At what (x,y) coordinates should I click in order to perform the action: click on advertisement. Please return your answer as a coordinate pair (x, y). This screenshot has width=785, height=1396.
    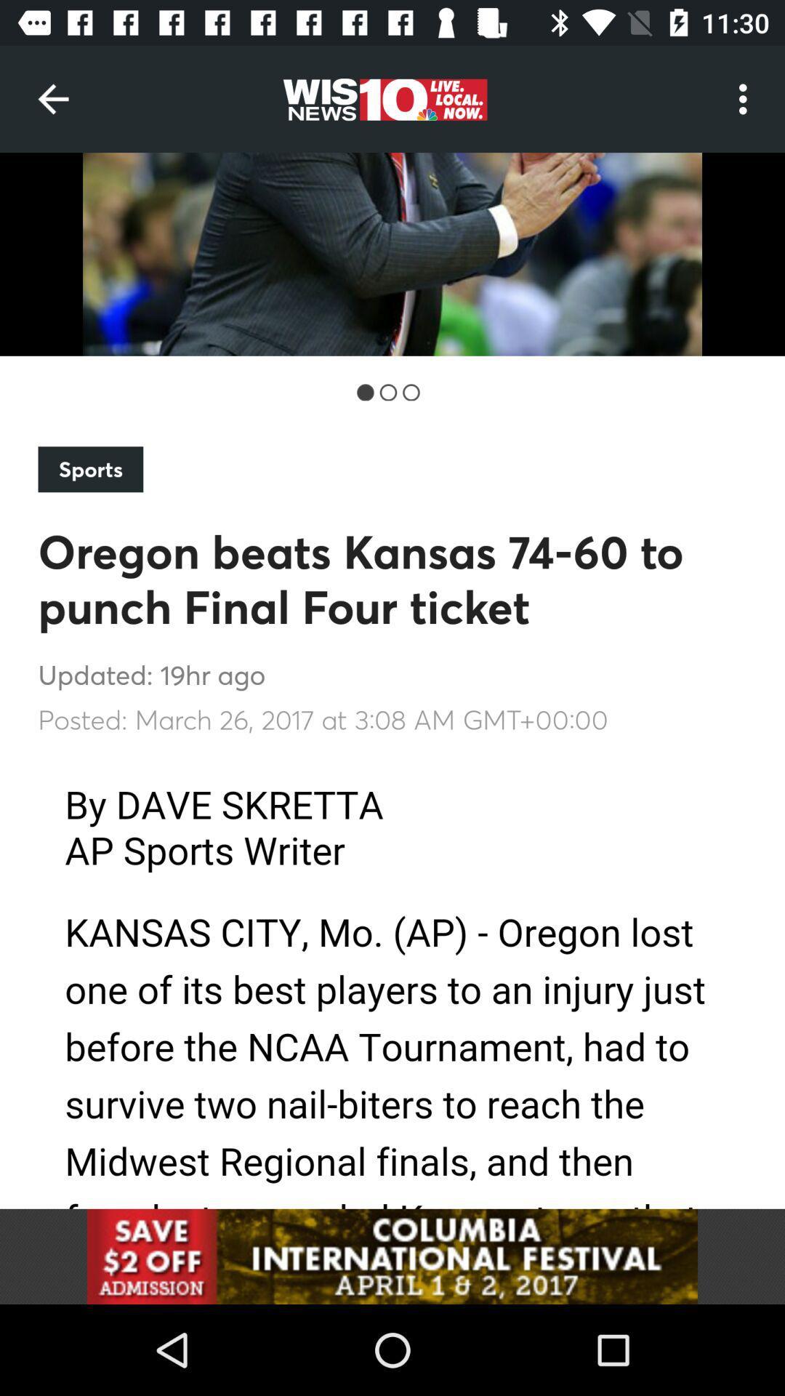
    Looking at the image, I should click on (392, 1256).